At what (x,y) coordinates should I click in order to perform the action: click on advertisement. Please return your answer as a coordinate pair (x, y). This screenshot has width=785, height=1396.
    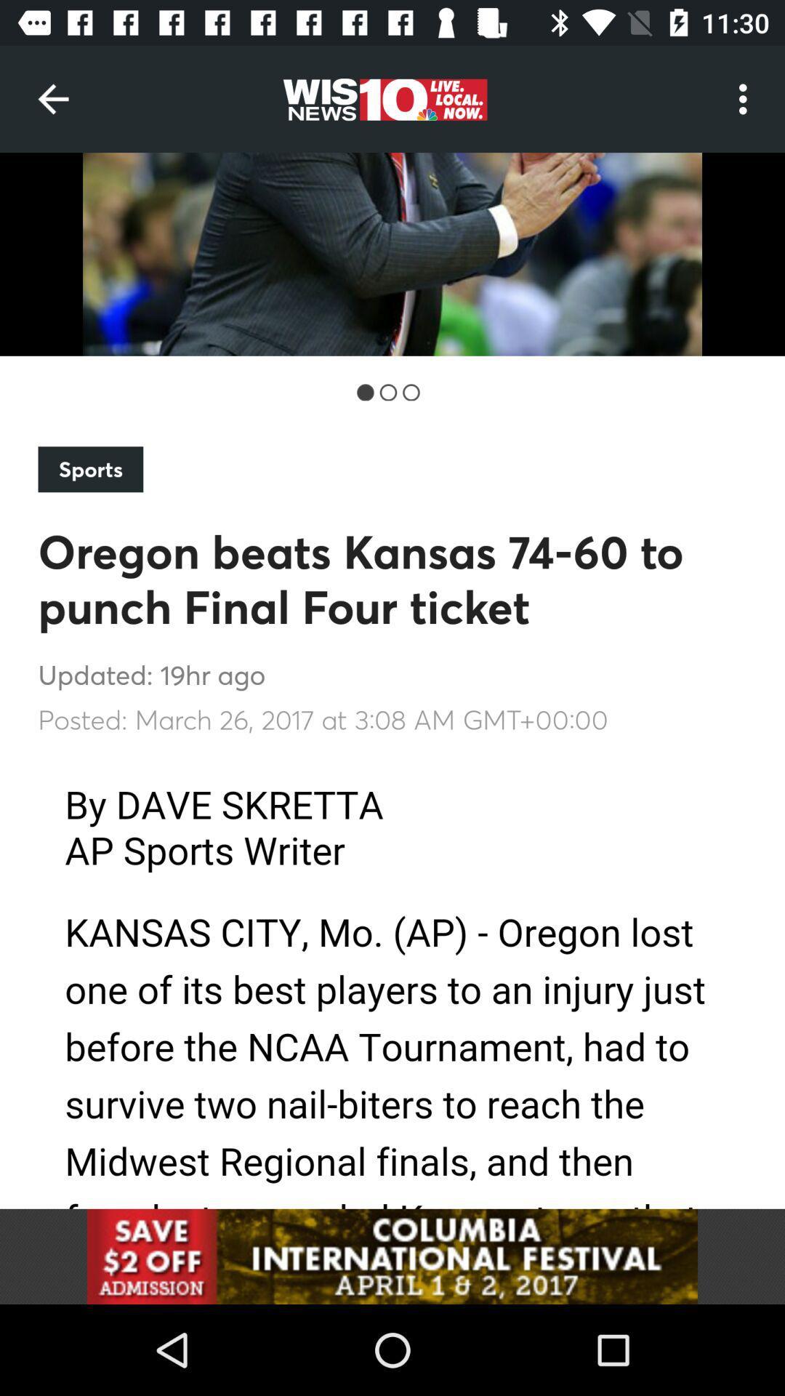
    Looking at the image, I should click on (392, 1256).